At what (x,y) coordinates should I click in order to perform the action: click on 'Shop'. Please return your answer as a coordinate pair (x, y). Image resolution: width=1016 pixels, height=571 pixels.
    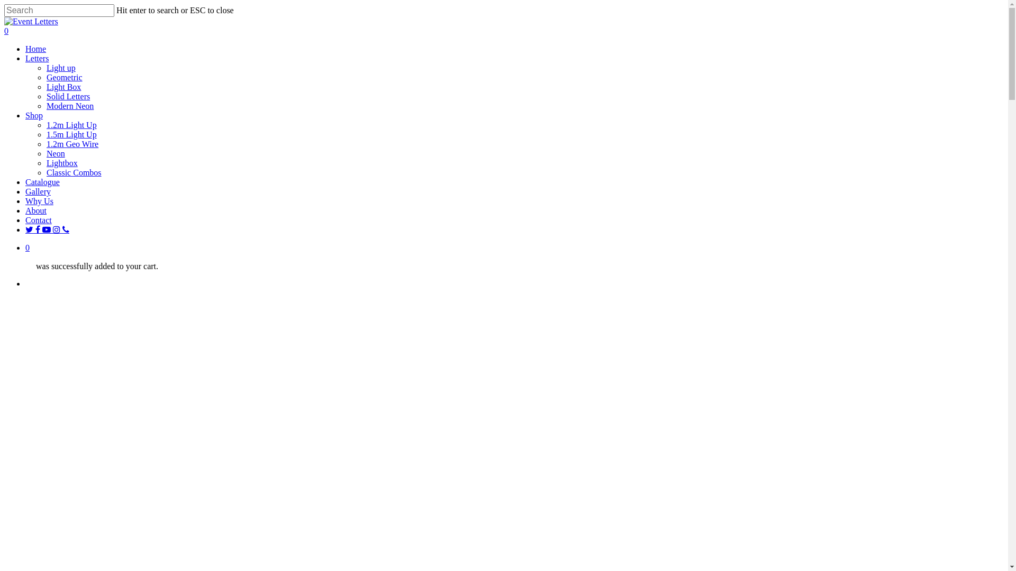
    Looking at the image, I should click on (34, 115).